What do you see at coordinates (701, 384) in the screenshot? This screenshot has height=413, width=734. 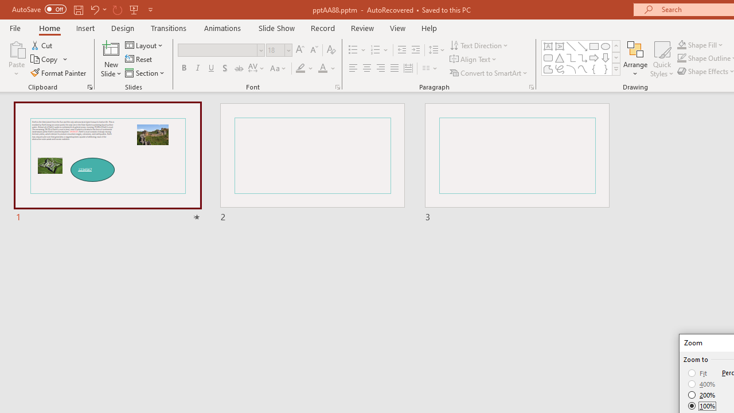 I see `'400%'` at bounding box center [701, 384].